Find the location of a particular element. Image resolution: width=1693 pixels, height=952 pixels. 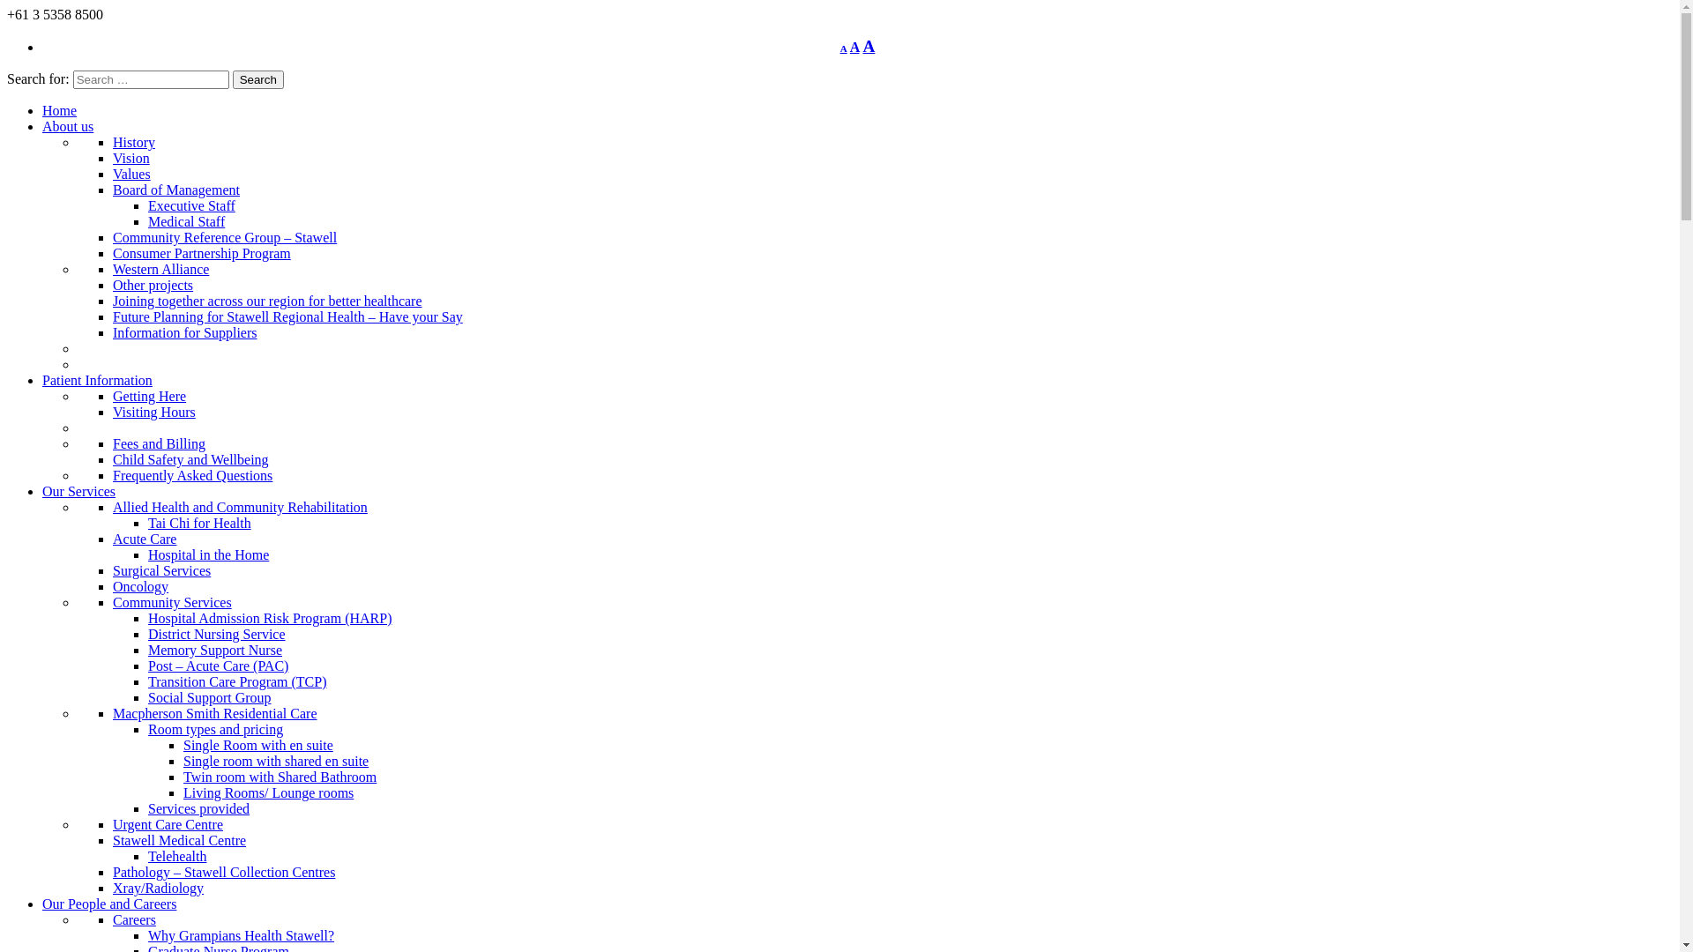

'Allied Health and Community Rehabilitation' is located at coordinates (239, 507).